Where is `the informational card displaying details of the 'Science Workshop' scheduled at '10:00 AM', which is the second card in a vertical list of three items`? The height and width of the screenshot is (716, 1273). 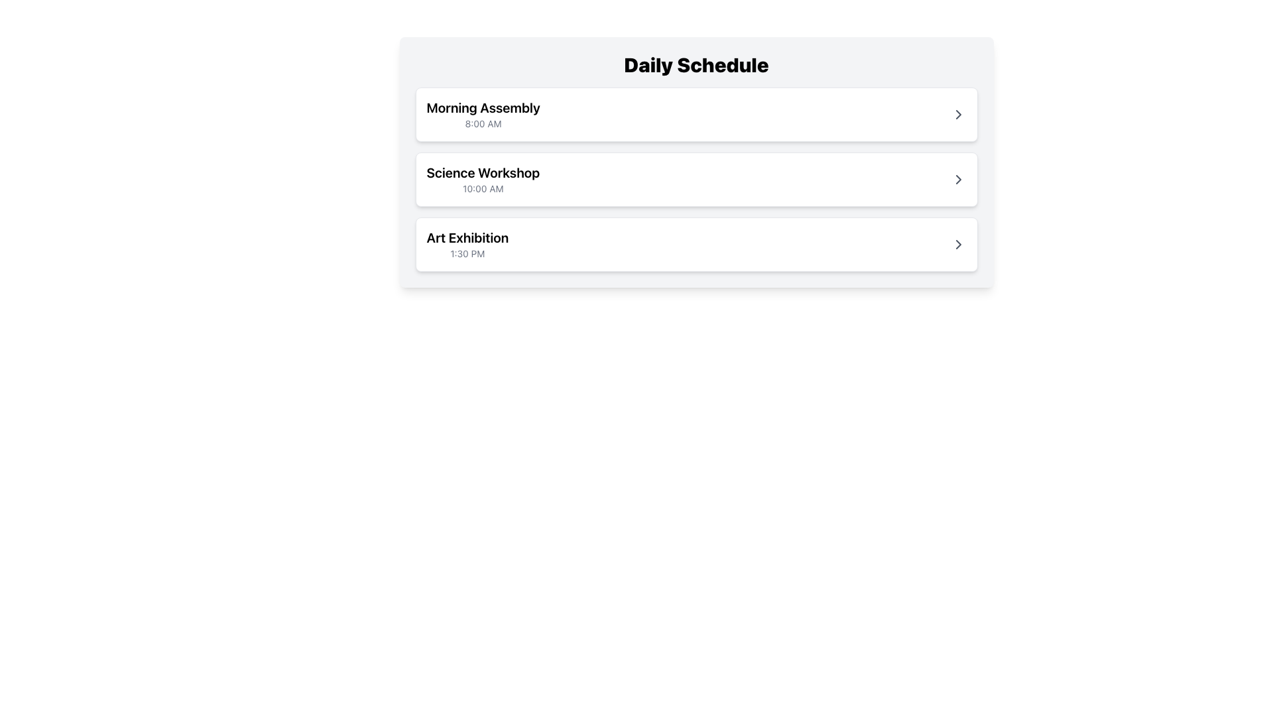
the informational card displaying details of the 'Science Workshop' scheduled at '10:00 AM', which is the second card in a vertical list of three items is located at coordinates (696, 179).